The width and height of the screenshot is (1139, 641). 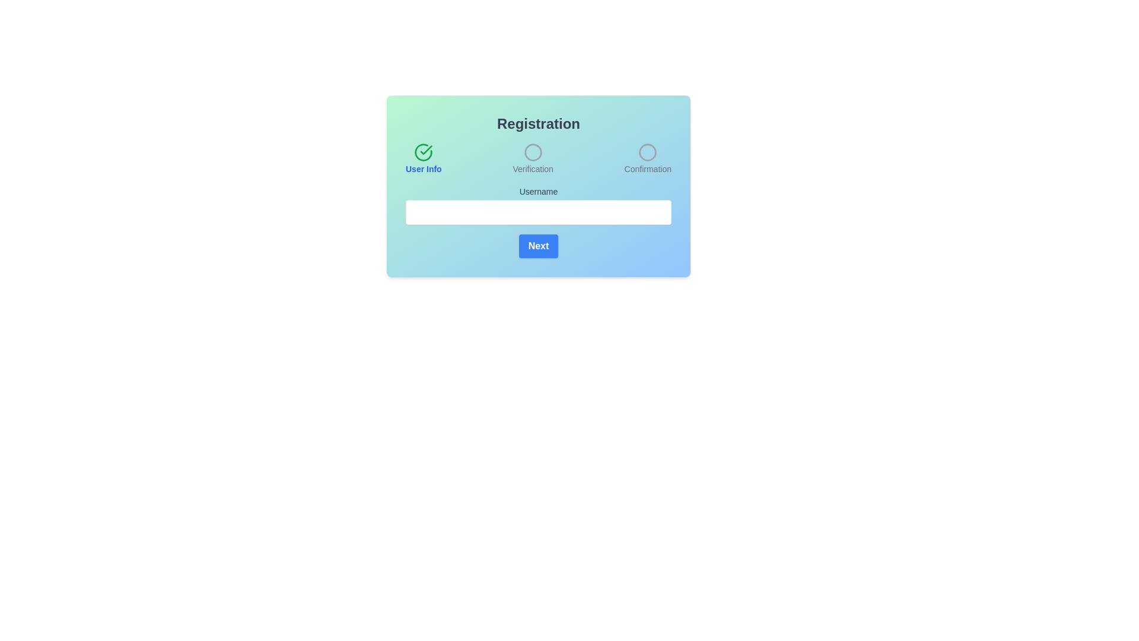 What do you see at coordinates (647, 152) in the screenshot?
I see `the circular confirmation icon with a gray stroke, located to the far right in the group of three icons aligned with the 'Registration' section header` at bounding box center [647, 152].